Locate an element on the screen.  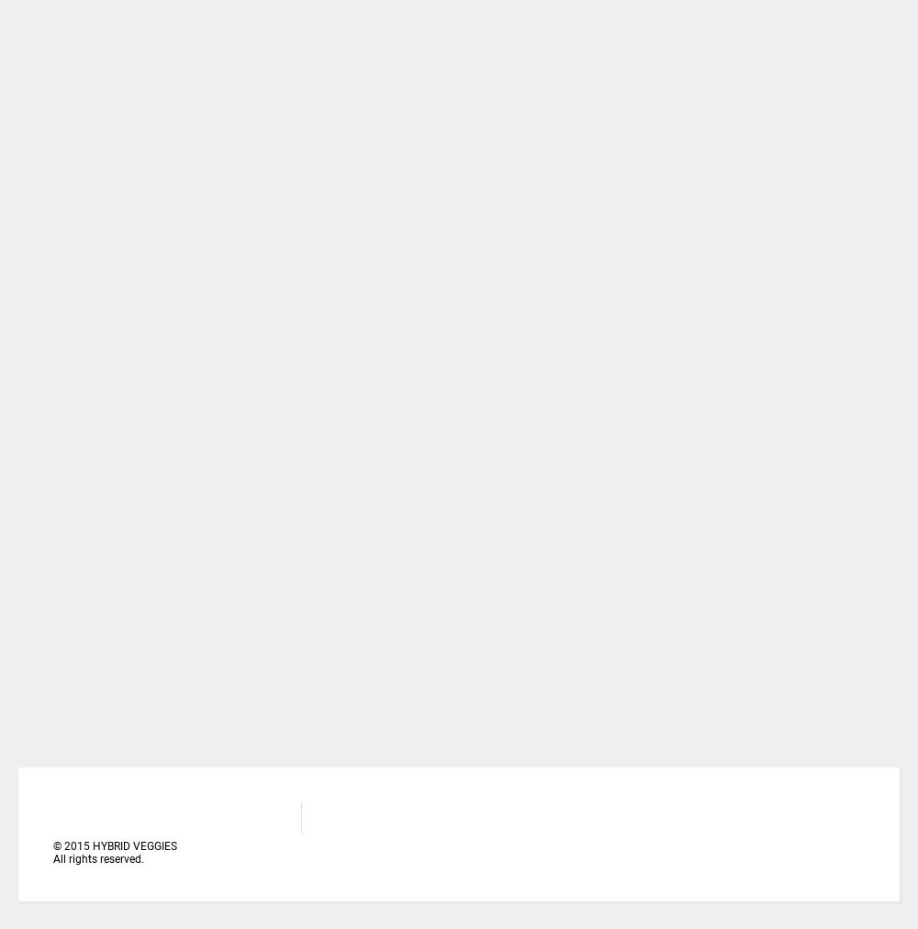
'Tomato seedlings in seedling tray    I have received mails and messages to quickly work on part 2 of this topic. I am sorry; it has been...' is located at coordinates (401, 39).